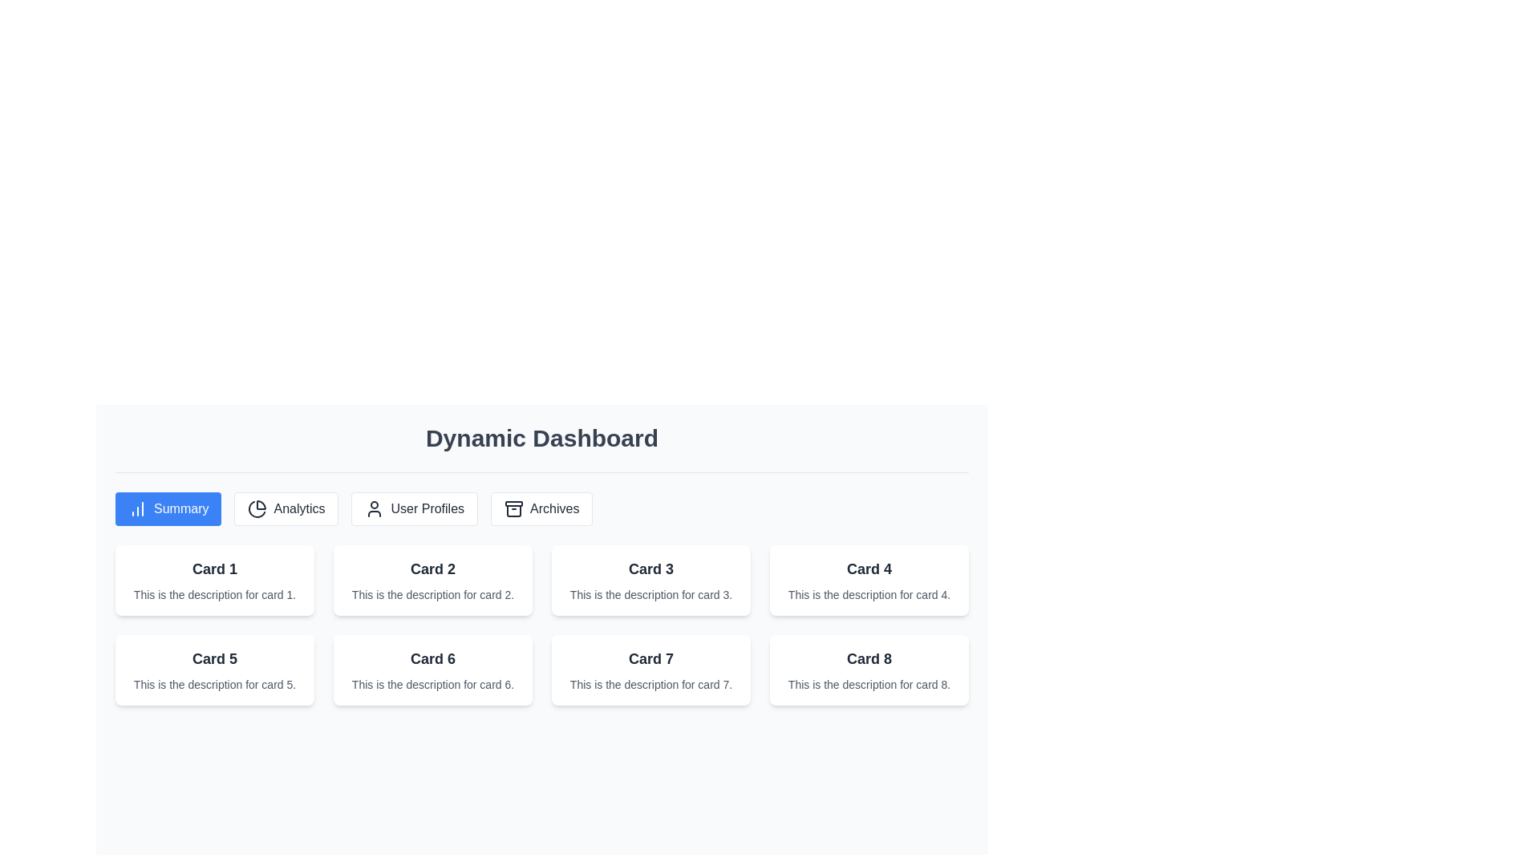 The height and width of the screenshot is (866, 1540). What do you see at coordinates (542, 509) in the screenshot?
I see `the navigation bar located below the 'Dynamic Dashboard' header` at bounding box center [542, 509].